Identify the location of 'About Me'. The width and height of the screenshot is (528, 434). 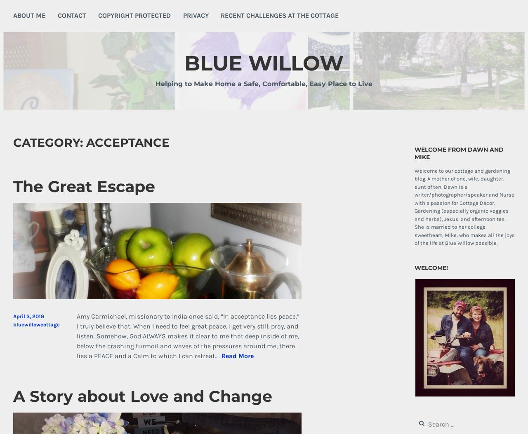
(29, 15).